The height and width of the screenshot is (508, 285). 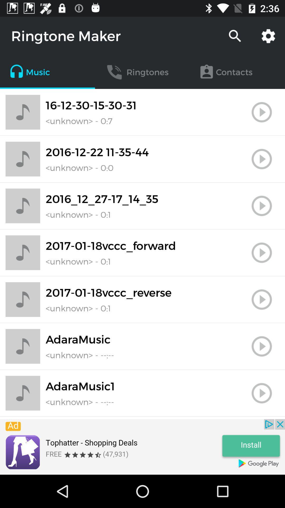 I want to click on play, so click(x=262, y=159).